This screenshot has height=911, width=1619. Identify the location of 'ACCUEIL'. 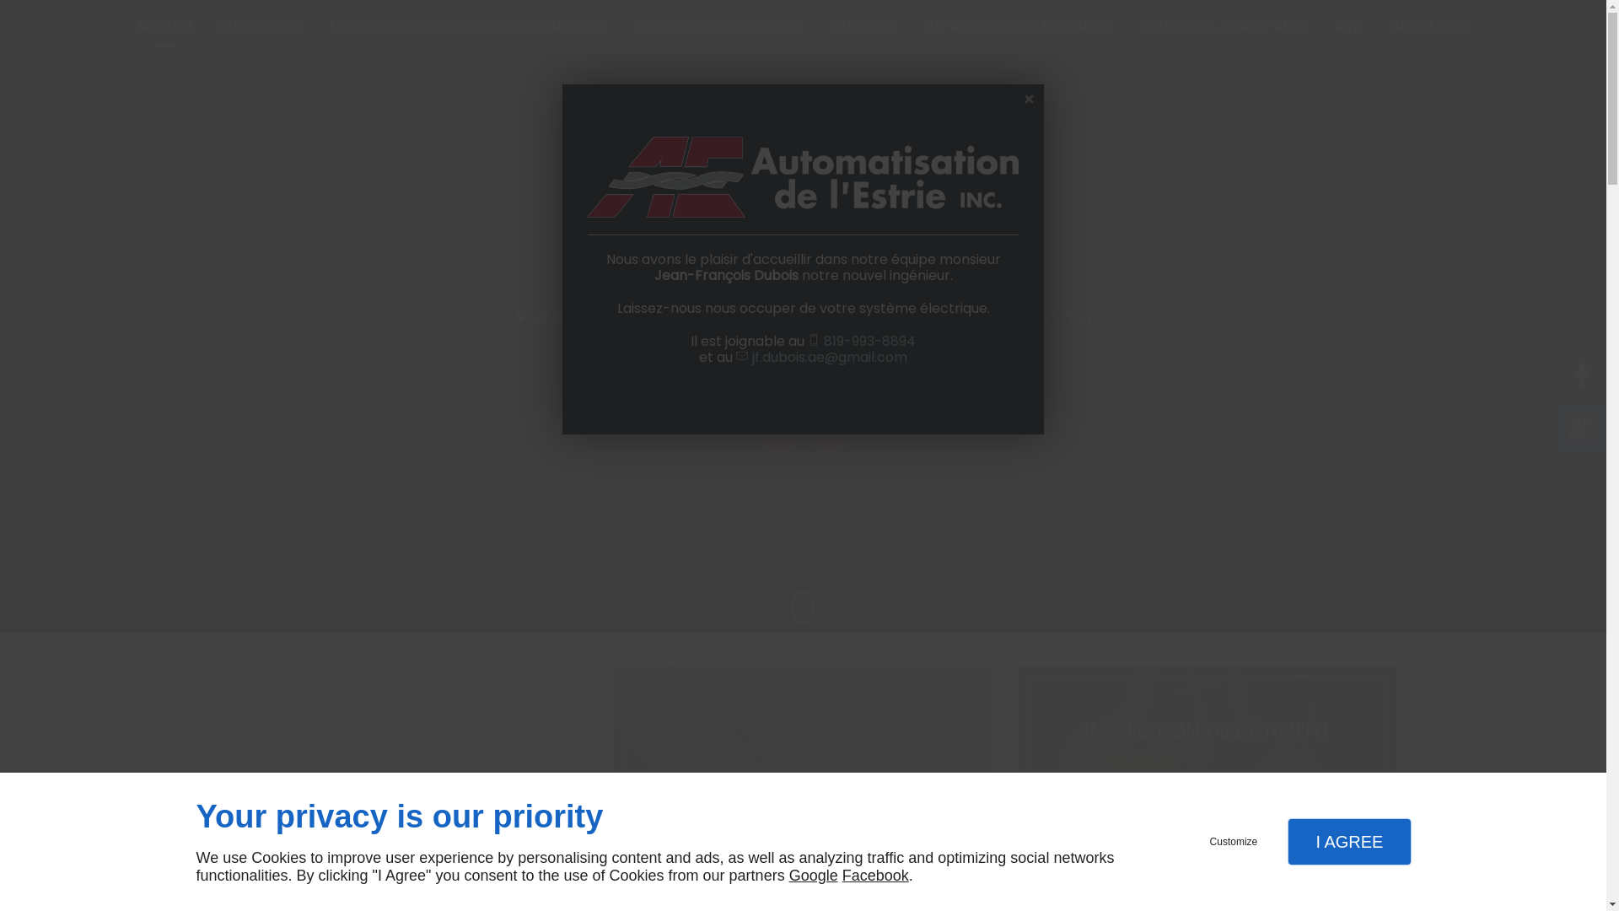
(165, 26).